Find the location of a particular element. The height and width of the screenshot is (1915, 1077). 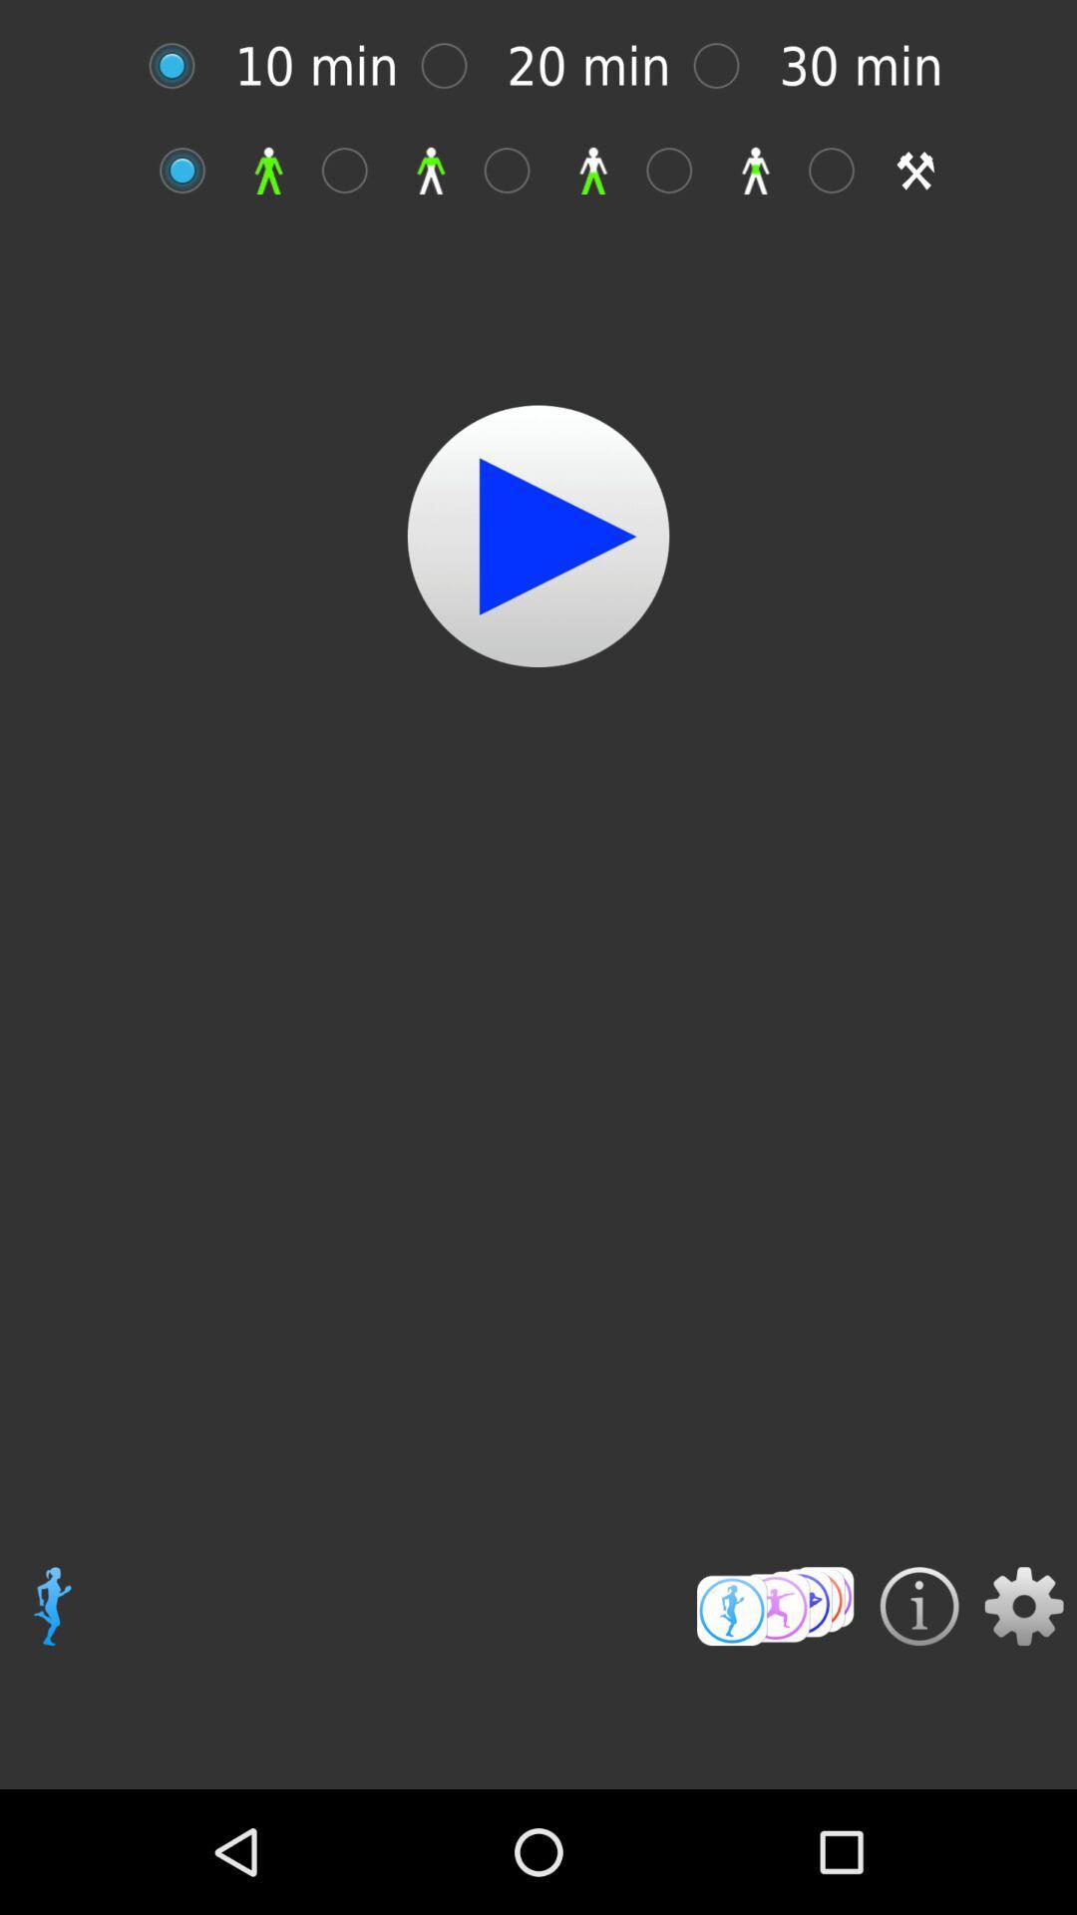

selecting box is located at coordinates (517, 171).